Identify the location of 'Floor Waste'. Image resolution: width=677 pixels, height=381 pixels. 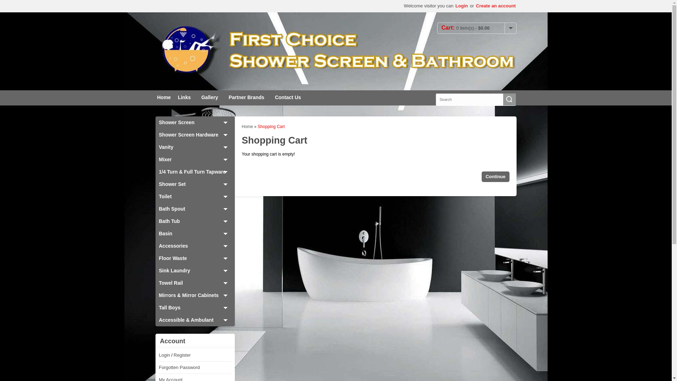
(155, 258).